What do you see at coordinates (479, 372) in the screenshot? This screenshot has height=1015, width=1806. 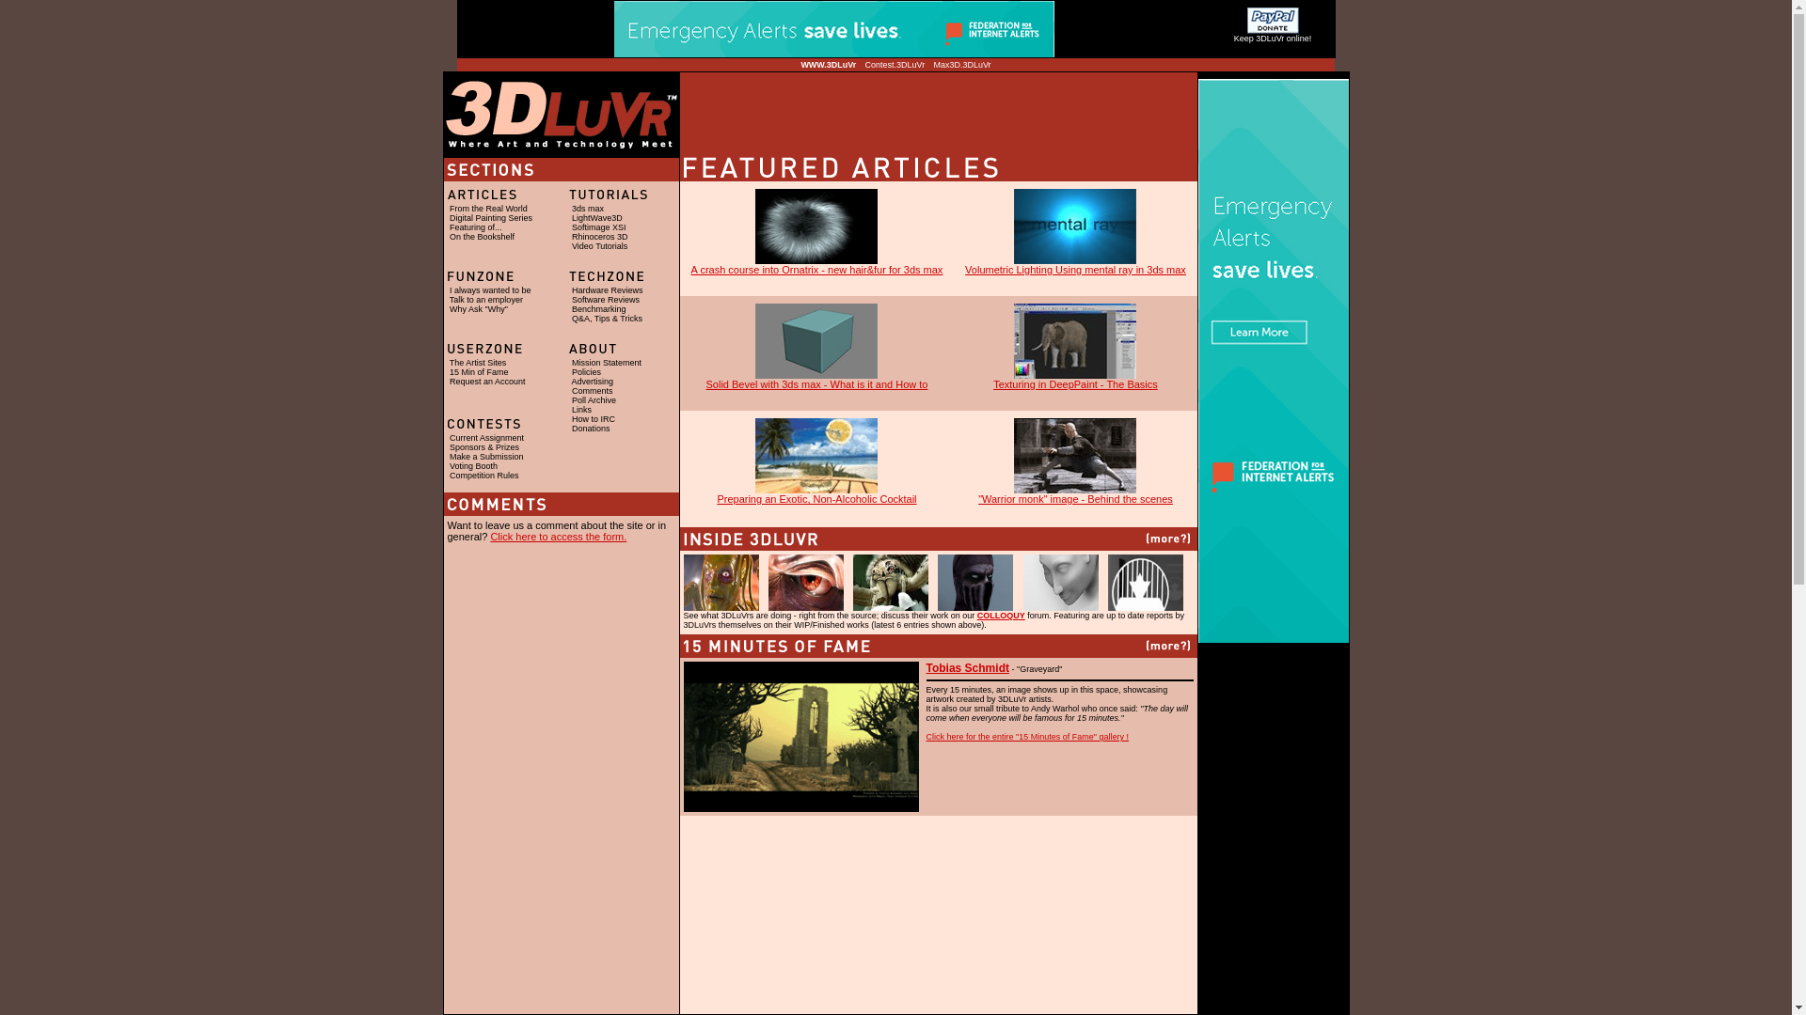 I see `'15 Min of Fame'` at bounding box center [479, 372].